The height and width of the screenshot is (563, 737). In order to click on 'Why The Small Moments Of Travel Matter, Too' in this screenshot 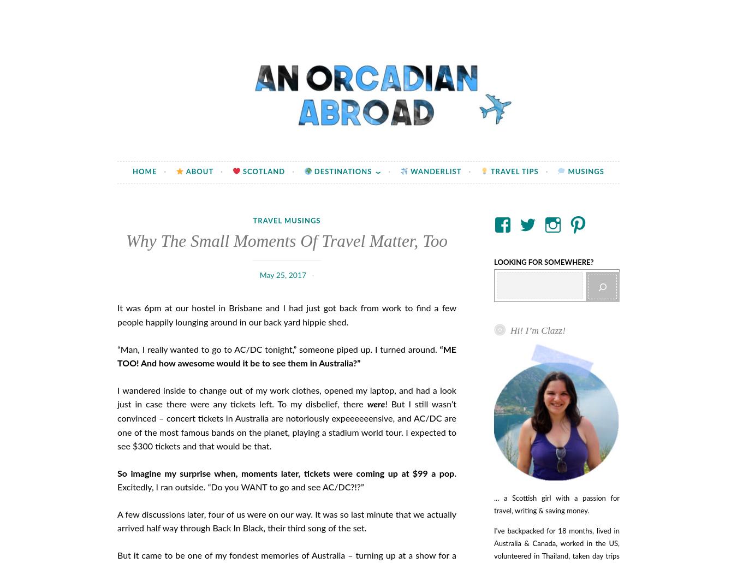, I will do `click(286, 241)`.